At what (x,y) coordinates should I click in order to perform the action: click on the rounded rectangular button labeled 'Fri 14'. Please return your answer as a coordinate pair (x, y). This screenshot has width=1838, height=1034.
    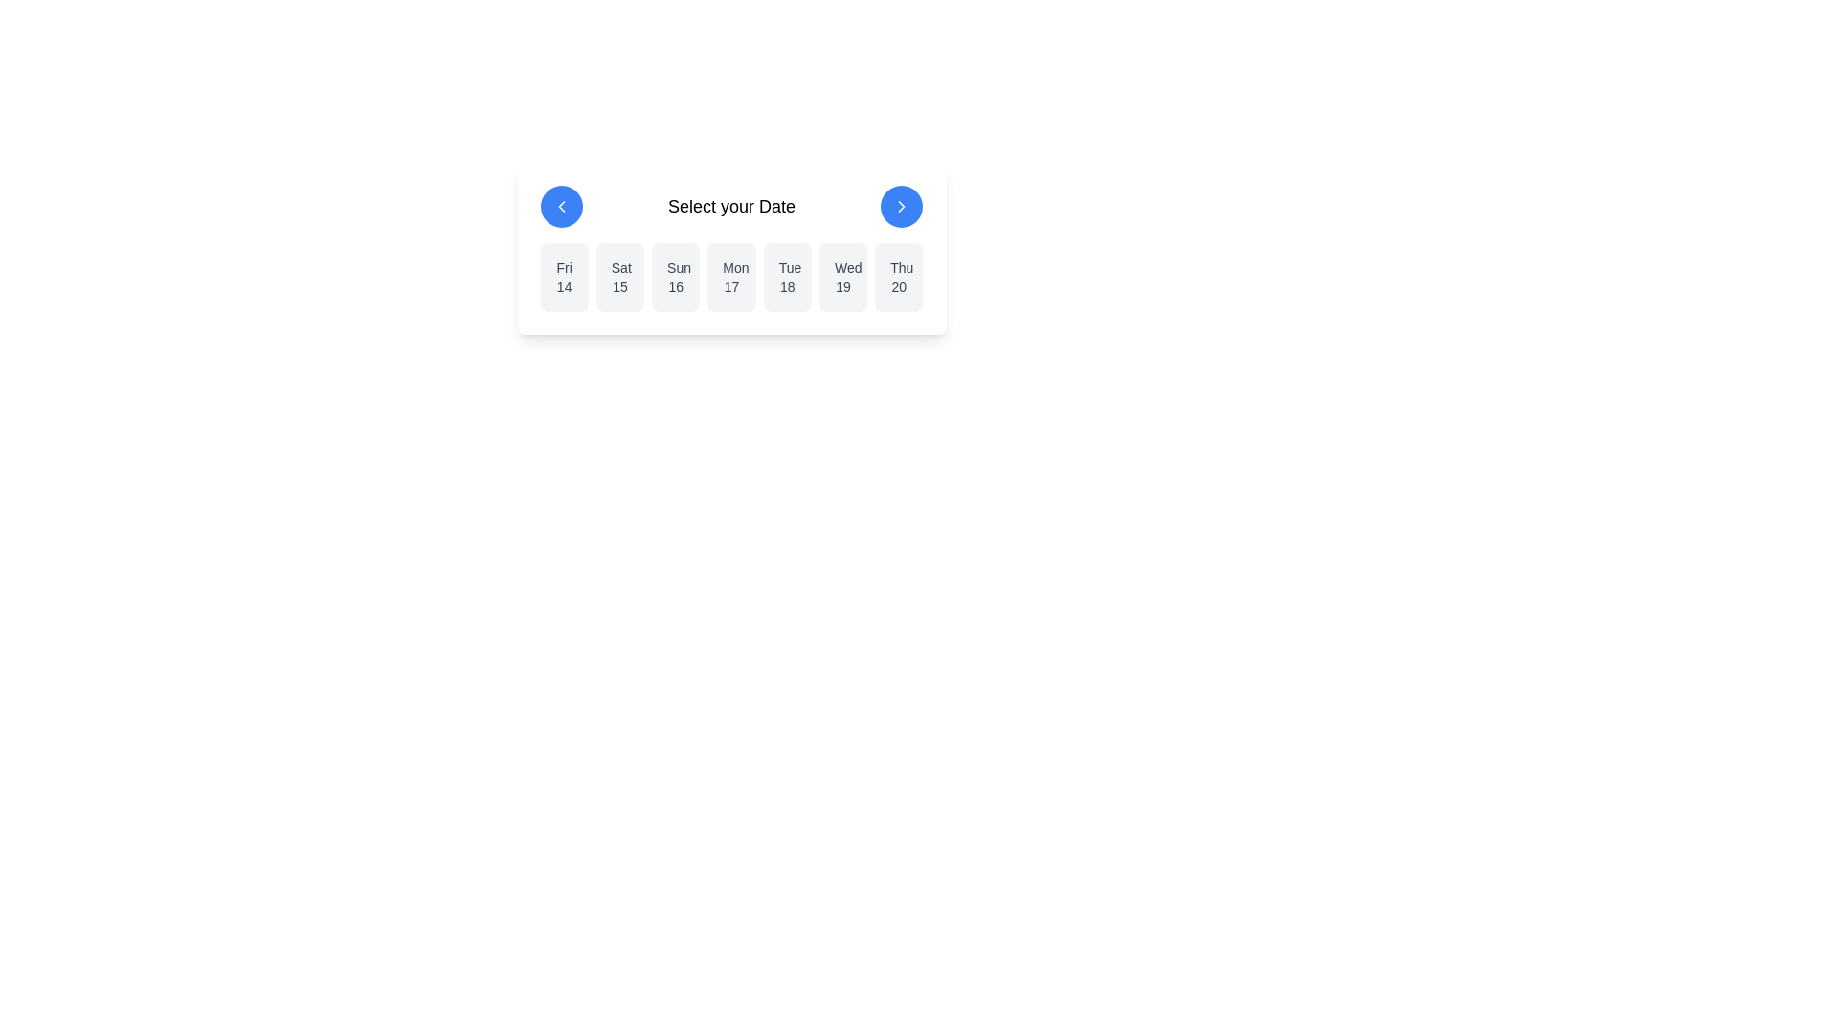
    Looking at the image, I should click on (563, 277).